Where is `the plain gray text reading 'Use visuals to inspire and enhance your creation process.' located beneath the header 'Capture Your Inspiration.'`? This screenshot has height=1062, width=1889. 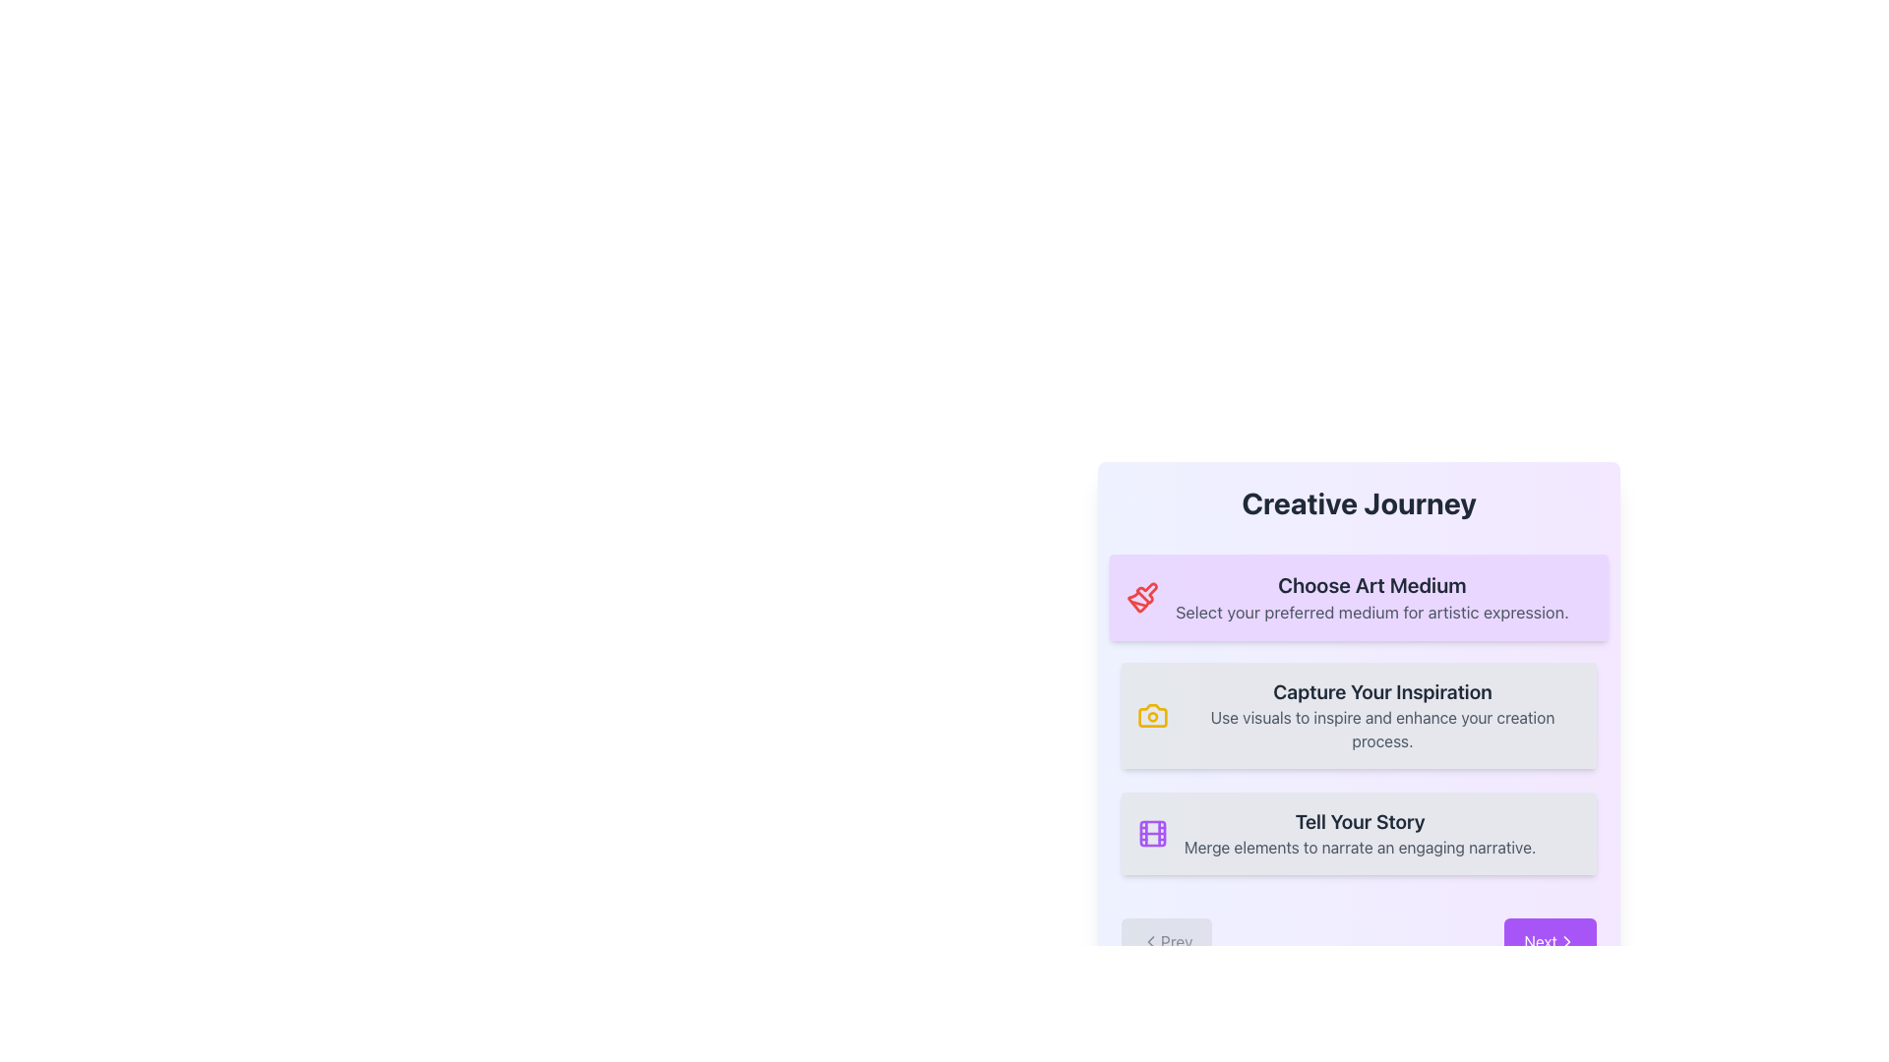
the plain gray text reading 'Use visuals to inspire and enhance your creation process.' located beneath the header 'Capture Your Inspiration.' is located at coordinates (1381, 729).